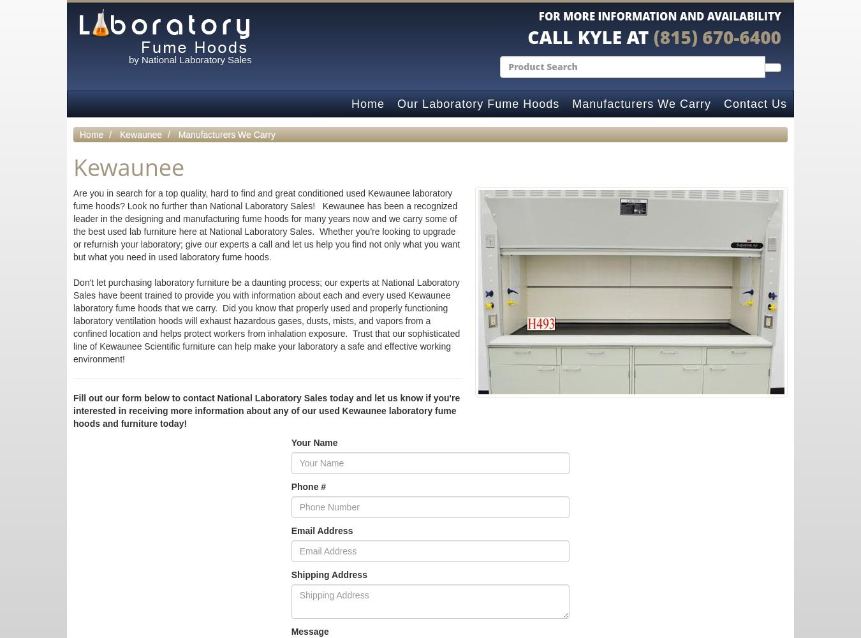 This screenshot has height=638, width=861. What do you see at coordinates (266, 410) in the screenshot?
I see `'Fill out our form below to contact National Laboratory Sales today and let us know if you're interested in receiving more information about any of our used Kewaunee laboratory fume hoods and furniture today!'` at bounding box center [266, 410].